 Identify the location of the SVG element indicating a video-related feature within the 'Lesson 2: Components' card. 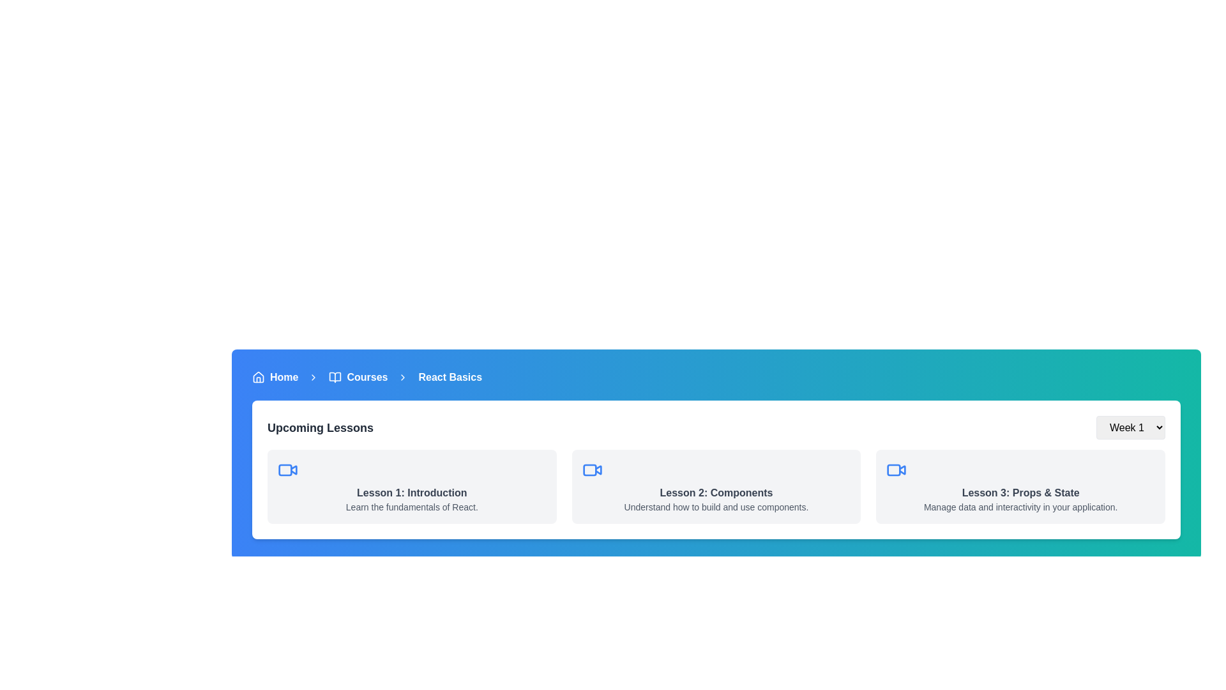
(597, 470).